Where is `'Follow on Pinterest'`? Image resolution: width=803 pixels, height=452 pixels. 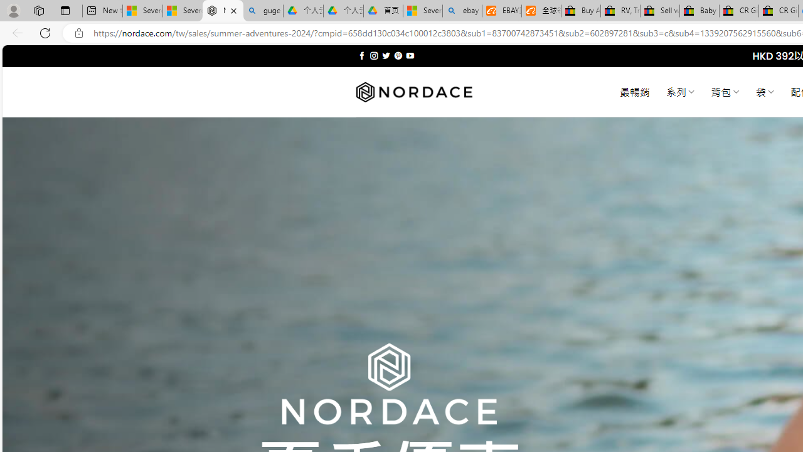
'Follow on Pinterest' is located at coordinates (397, 55).